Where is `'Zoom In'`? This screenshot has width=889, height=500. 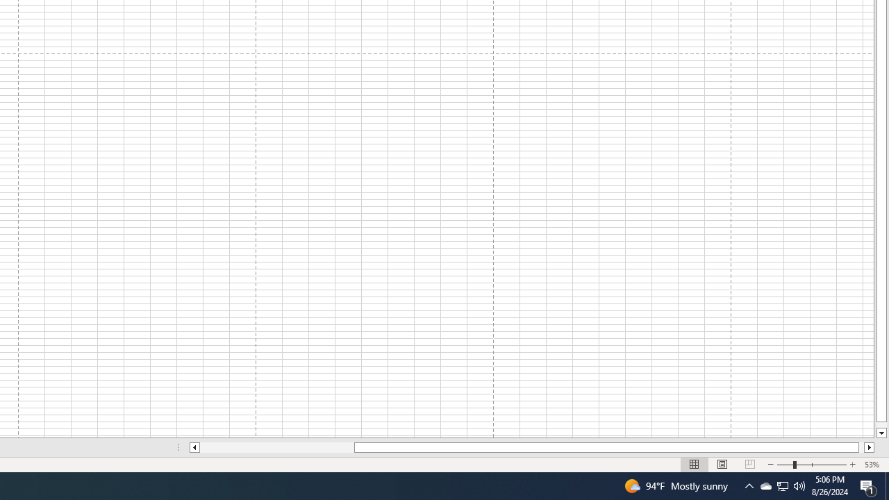 'Zoom In' is located at coordinates (851, 465).